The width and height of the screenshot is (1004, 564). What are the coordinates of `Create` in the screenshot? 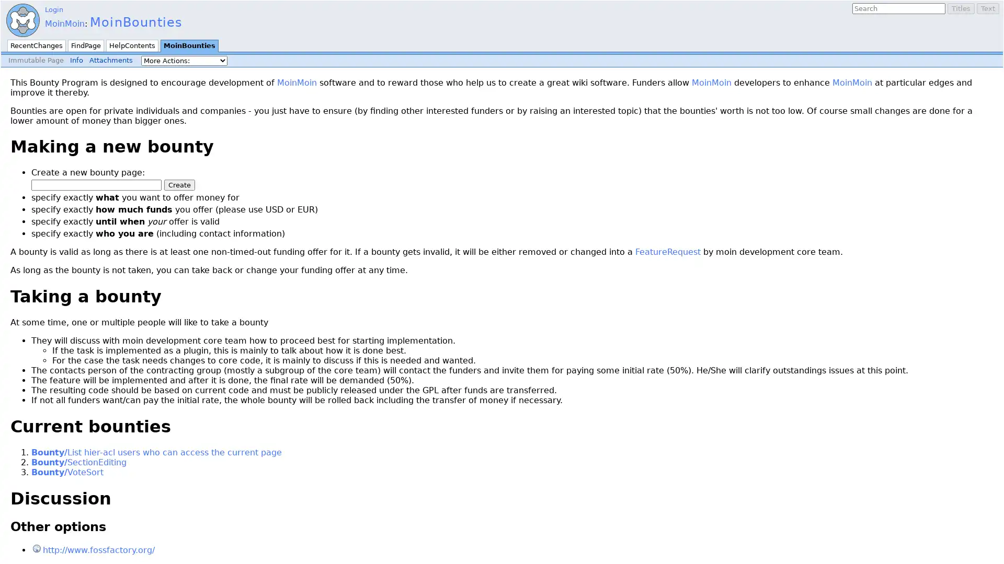 It's located at (179, 184).